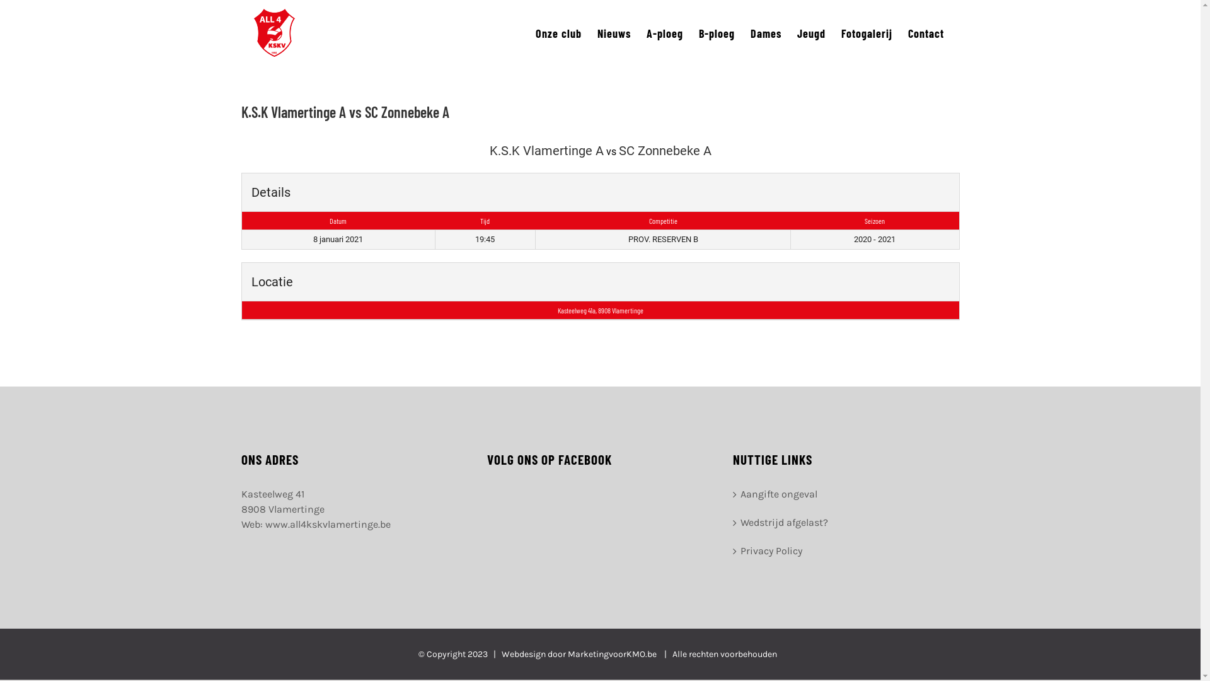 The image size is (1210, 681). What do you see at coordinates (925, 32) in the screenshot?
I see `'Contact'` at bounding box center [925, 32].